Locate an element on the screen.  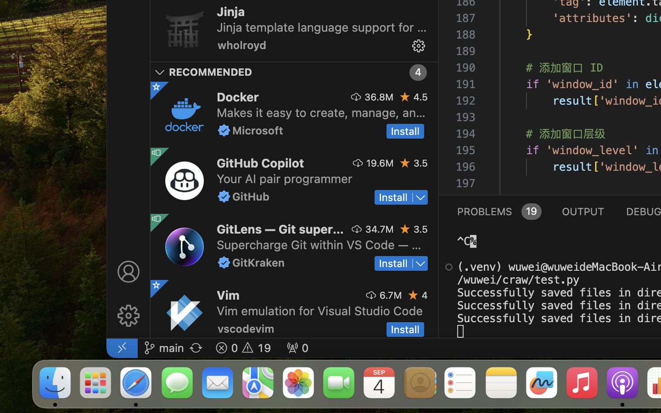
'GitHub' is located at coordinates (251, 196).